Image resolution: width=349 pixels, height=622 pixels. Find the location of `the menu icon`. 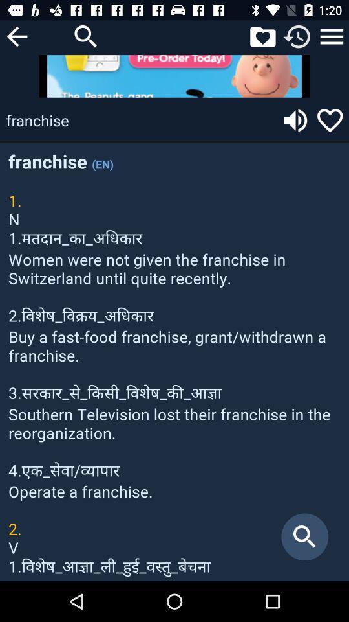

the menu icon is located at coordinates (332, 36).